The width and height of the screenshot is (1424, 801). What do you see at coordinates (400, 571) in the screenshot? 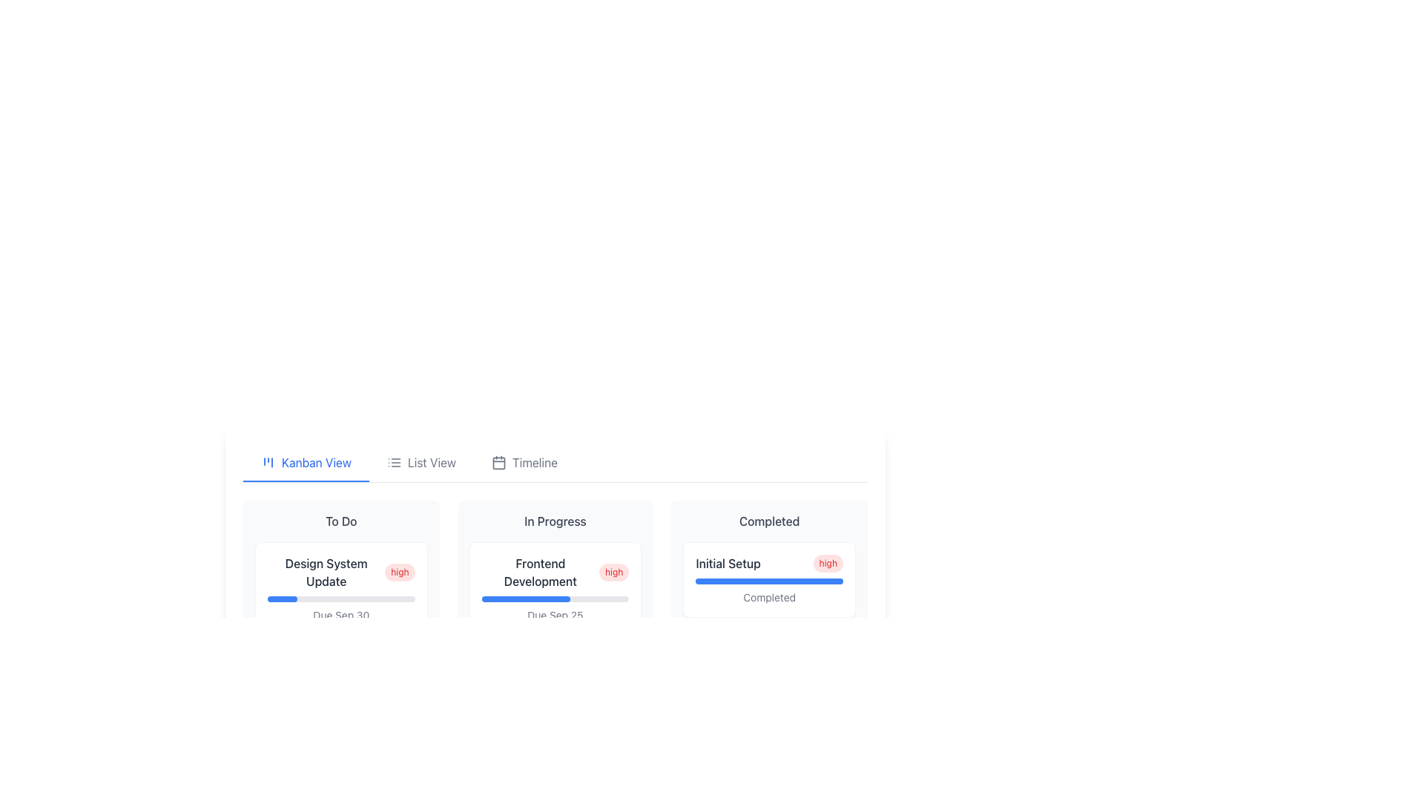
I see `the pill-shaped label with a red background and white text that reads 'high', located to the right of the text 'Design System Update' in the 'To Do' column of the Kanban board` at bounding box center [400, 571].